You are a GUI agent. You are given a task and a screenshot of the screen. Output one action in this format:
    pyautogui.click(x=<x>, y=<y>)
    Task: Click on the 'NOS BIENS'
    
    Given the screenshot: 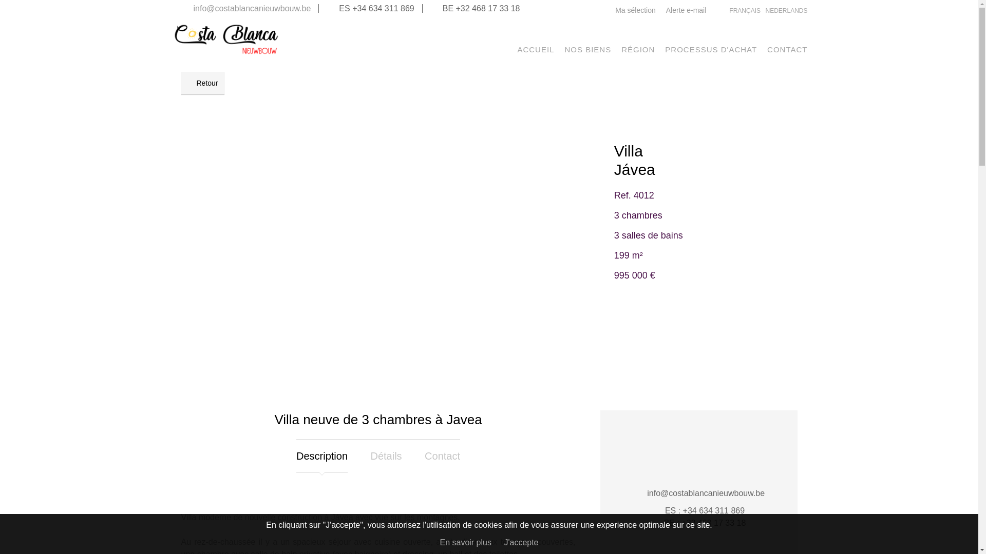 What is the action you would take?
    pyautogui.click(x=587, y=49)
    